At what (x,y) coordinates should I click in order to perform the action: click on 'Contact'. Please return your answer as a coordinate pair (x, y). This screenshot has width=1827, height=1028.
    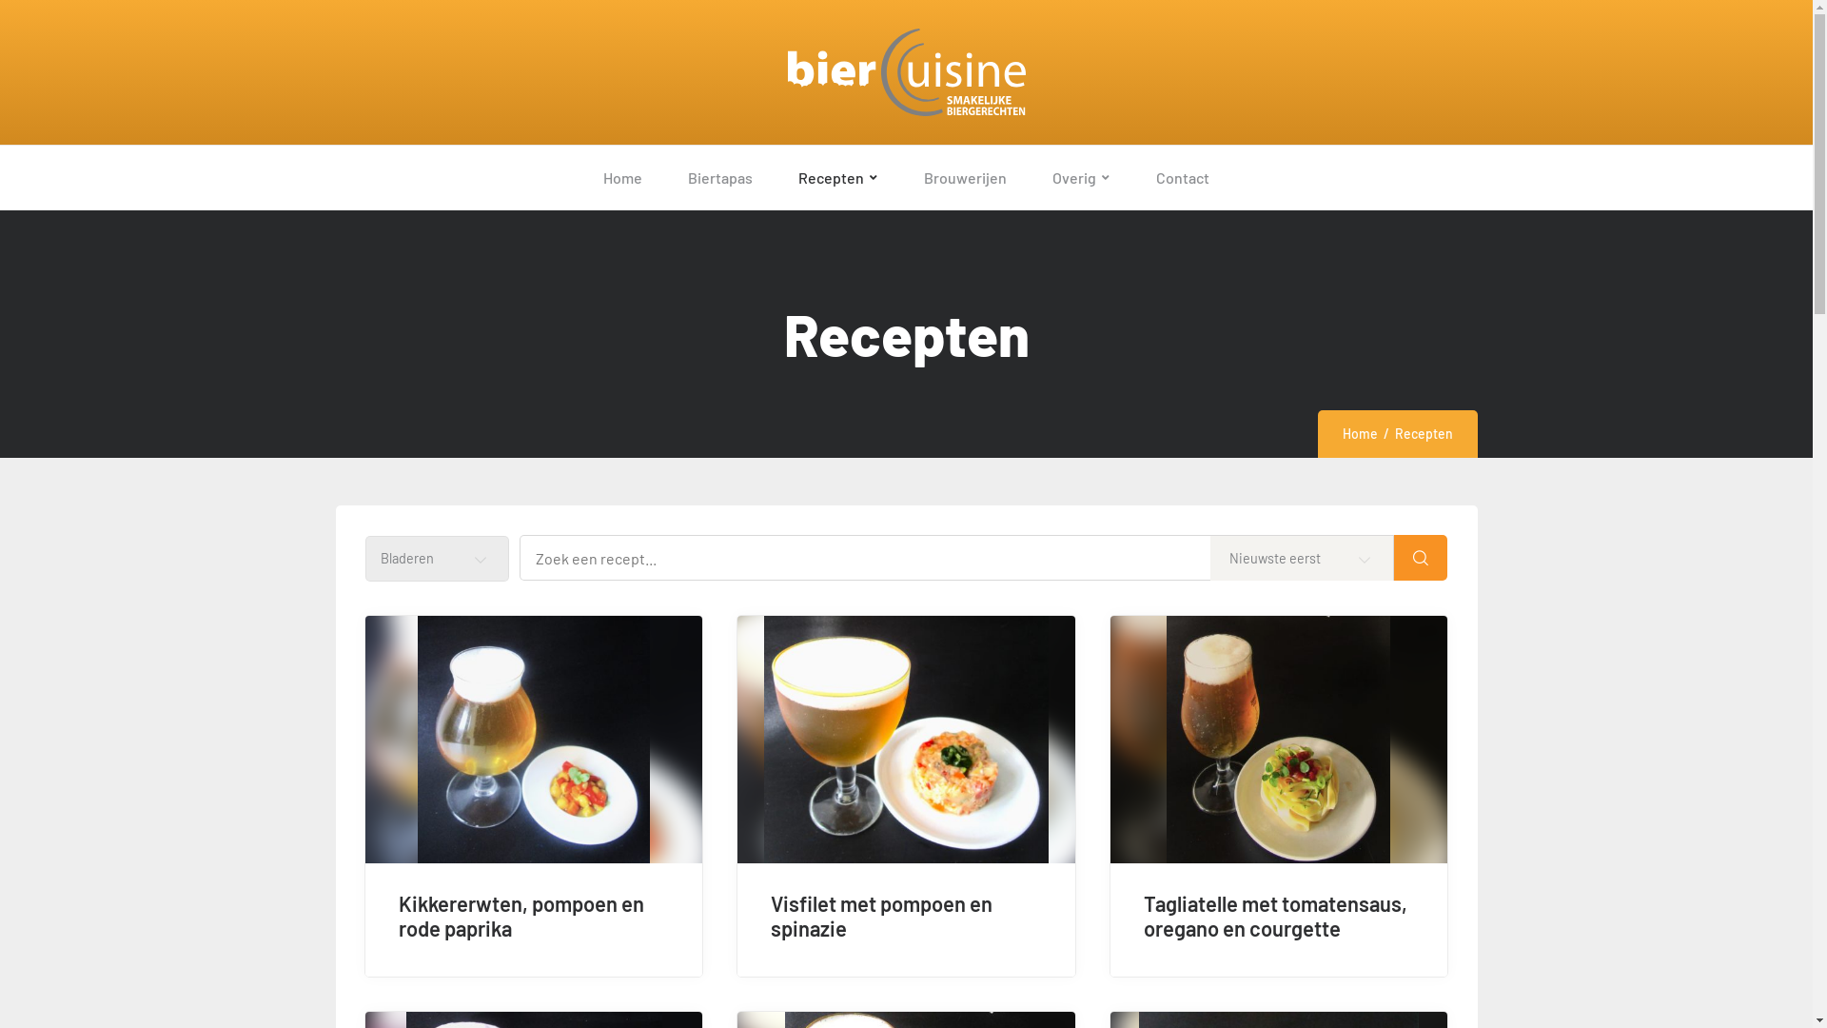
    Looking at the image, I should click on (1182, 177).